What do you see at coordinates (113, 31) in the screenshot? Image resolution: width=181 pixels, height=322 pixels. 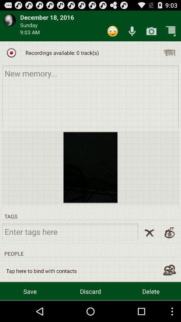 I see `emoji` at bounding box center [113, 31].